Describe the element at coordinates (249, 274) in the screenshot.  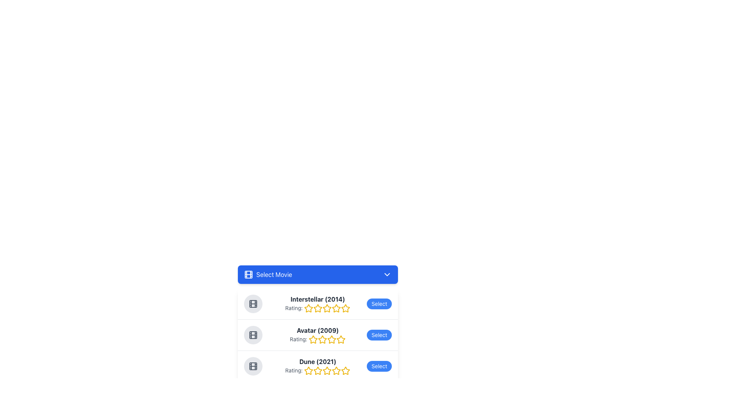
I see `the icon located at the leftmost position of the 'Select Movie' header bar, which serves as a visual representation for the section` at that location.